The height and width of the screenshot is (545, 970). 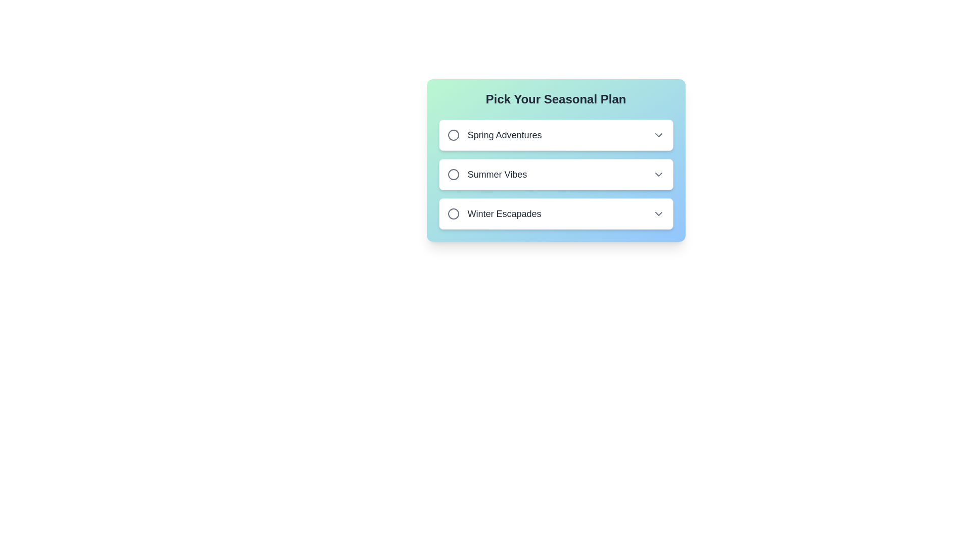 What do you see at coordinates (555, 99) in the screenshot?
I see `title text element that serves as the primary heading above the options 'Spring Adventures,' 'Summer Vibes,' and 'Winter Escapades.'` at bounding box center [555, 99].